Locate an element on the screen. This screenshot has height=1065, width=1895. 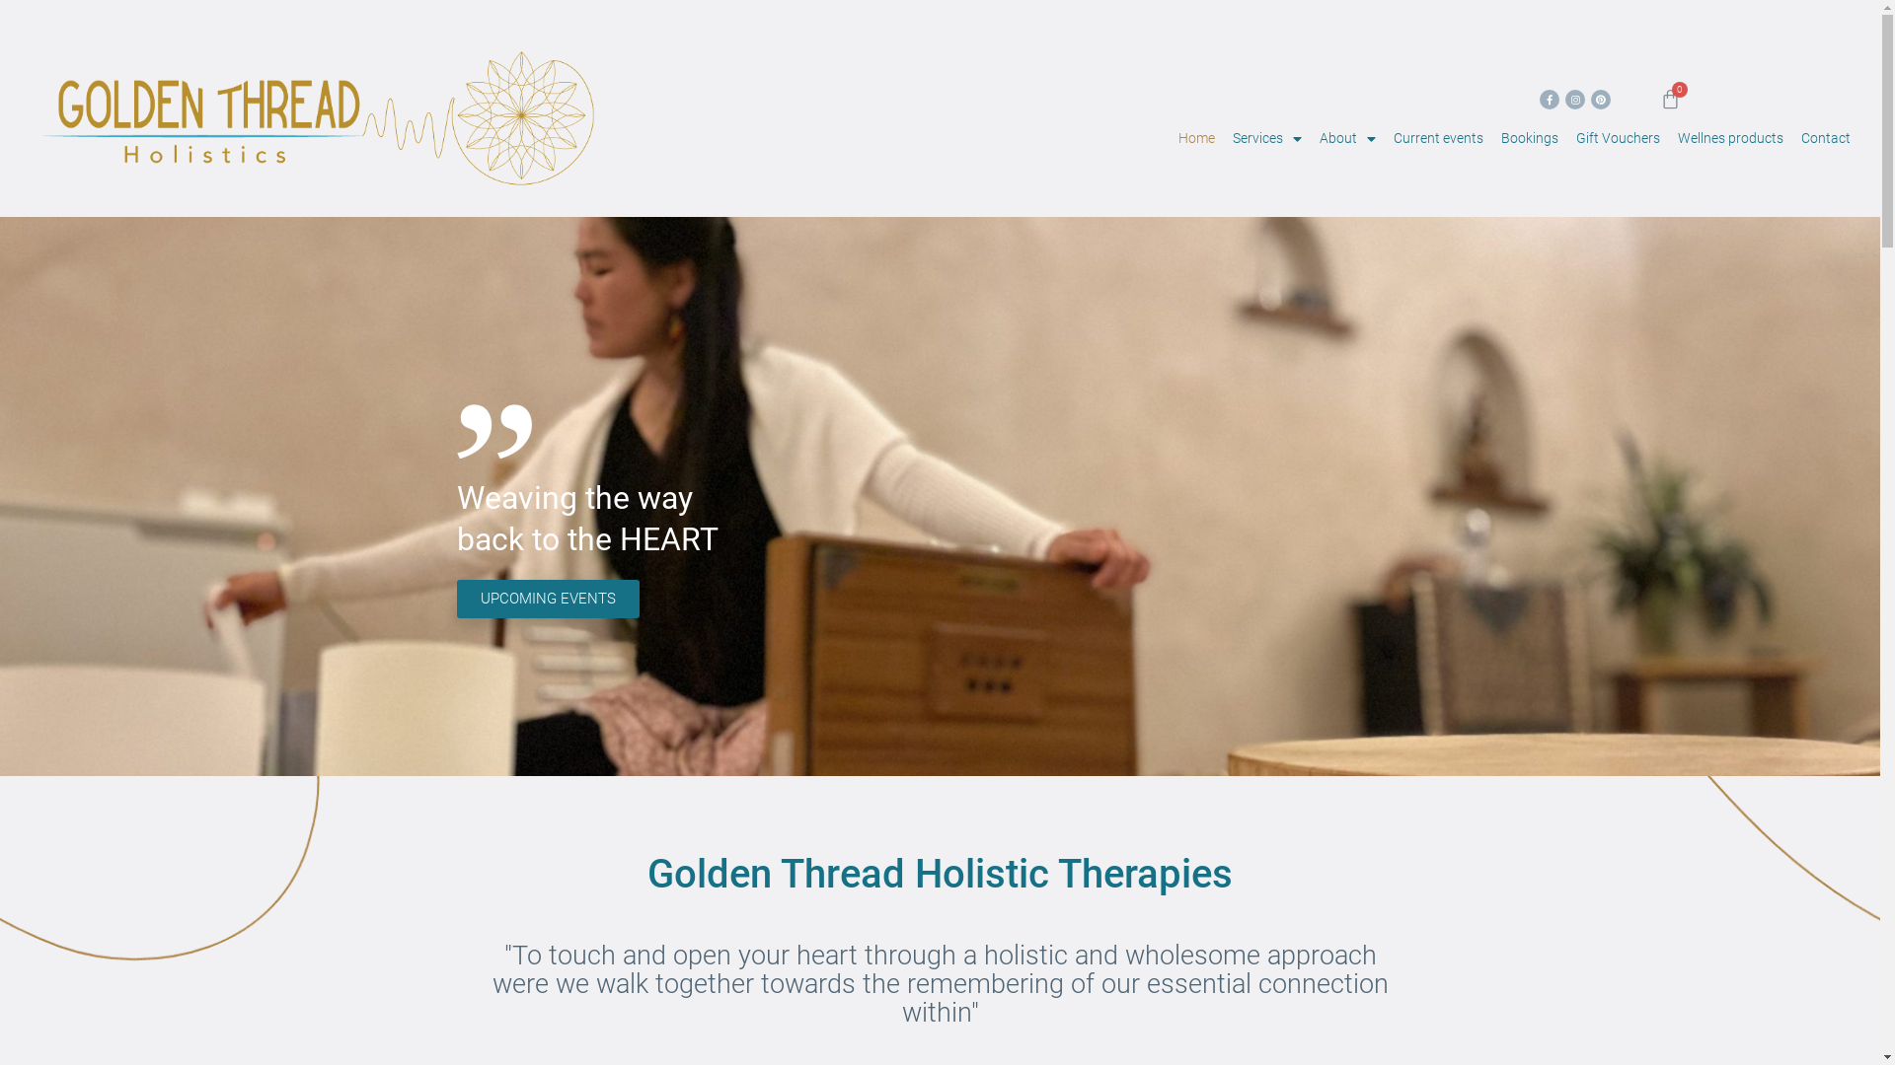
'Bookings' is located at coordinates (1529, 138).